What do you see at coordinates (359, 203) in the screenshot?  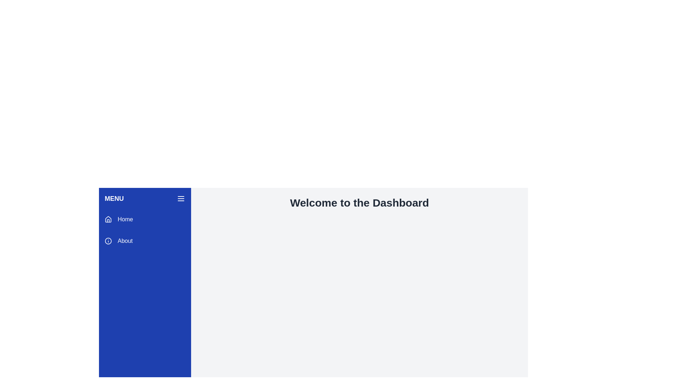 I see `the static text header that reads 'Welcome to the Dashboard', which is prominently displayed in dark gray on a light-gray background, positioned centrally above the main body content` at bounding box center [359, 203].